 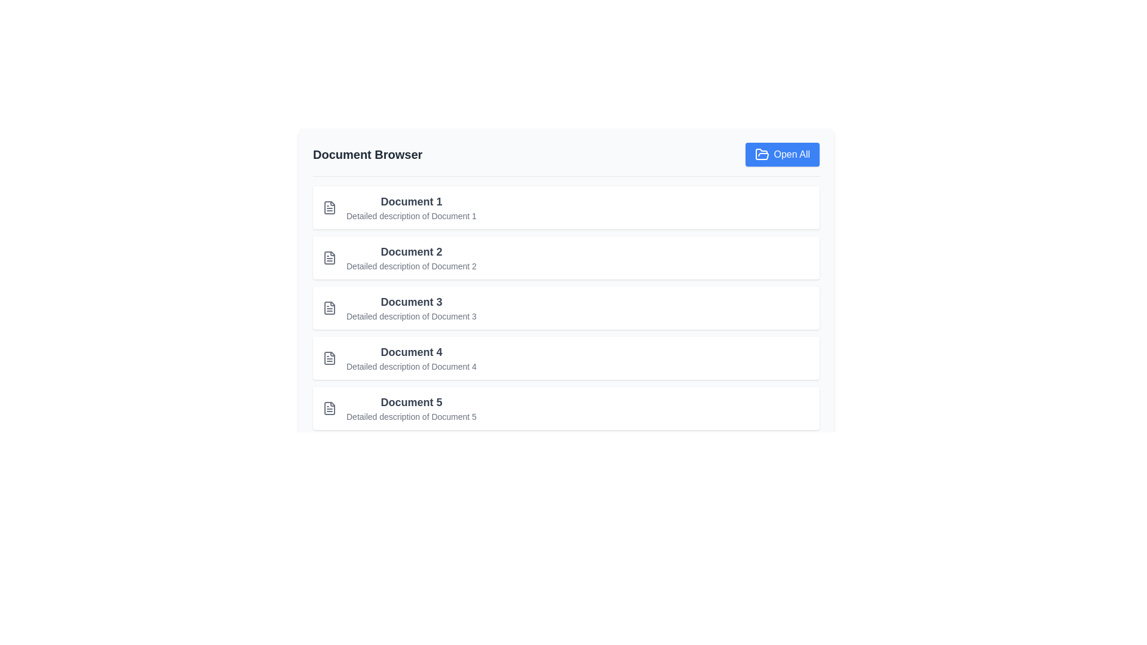 What do you see at coordinates (411, 352) in the screenshot?
I see `the label displaying 'Document 4', which is styled in bold, larger font and dark gray color, centrally aligned within its card layout` at bounding box center [411, 352].